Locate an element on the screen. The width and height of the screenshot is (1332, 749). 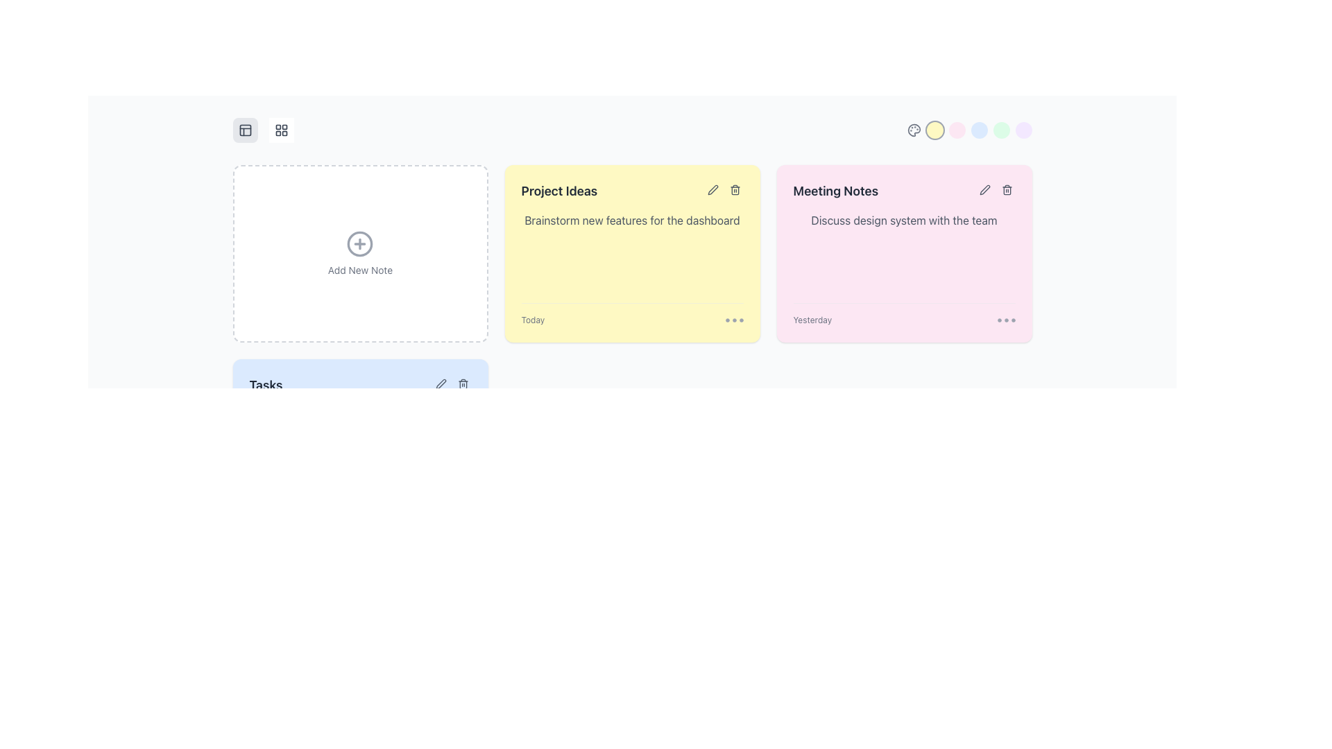
the interactive icon in the top-right corner of the 'Project Ideas' card is located at coordinates (712, 189).